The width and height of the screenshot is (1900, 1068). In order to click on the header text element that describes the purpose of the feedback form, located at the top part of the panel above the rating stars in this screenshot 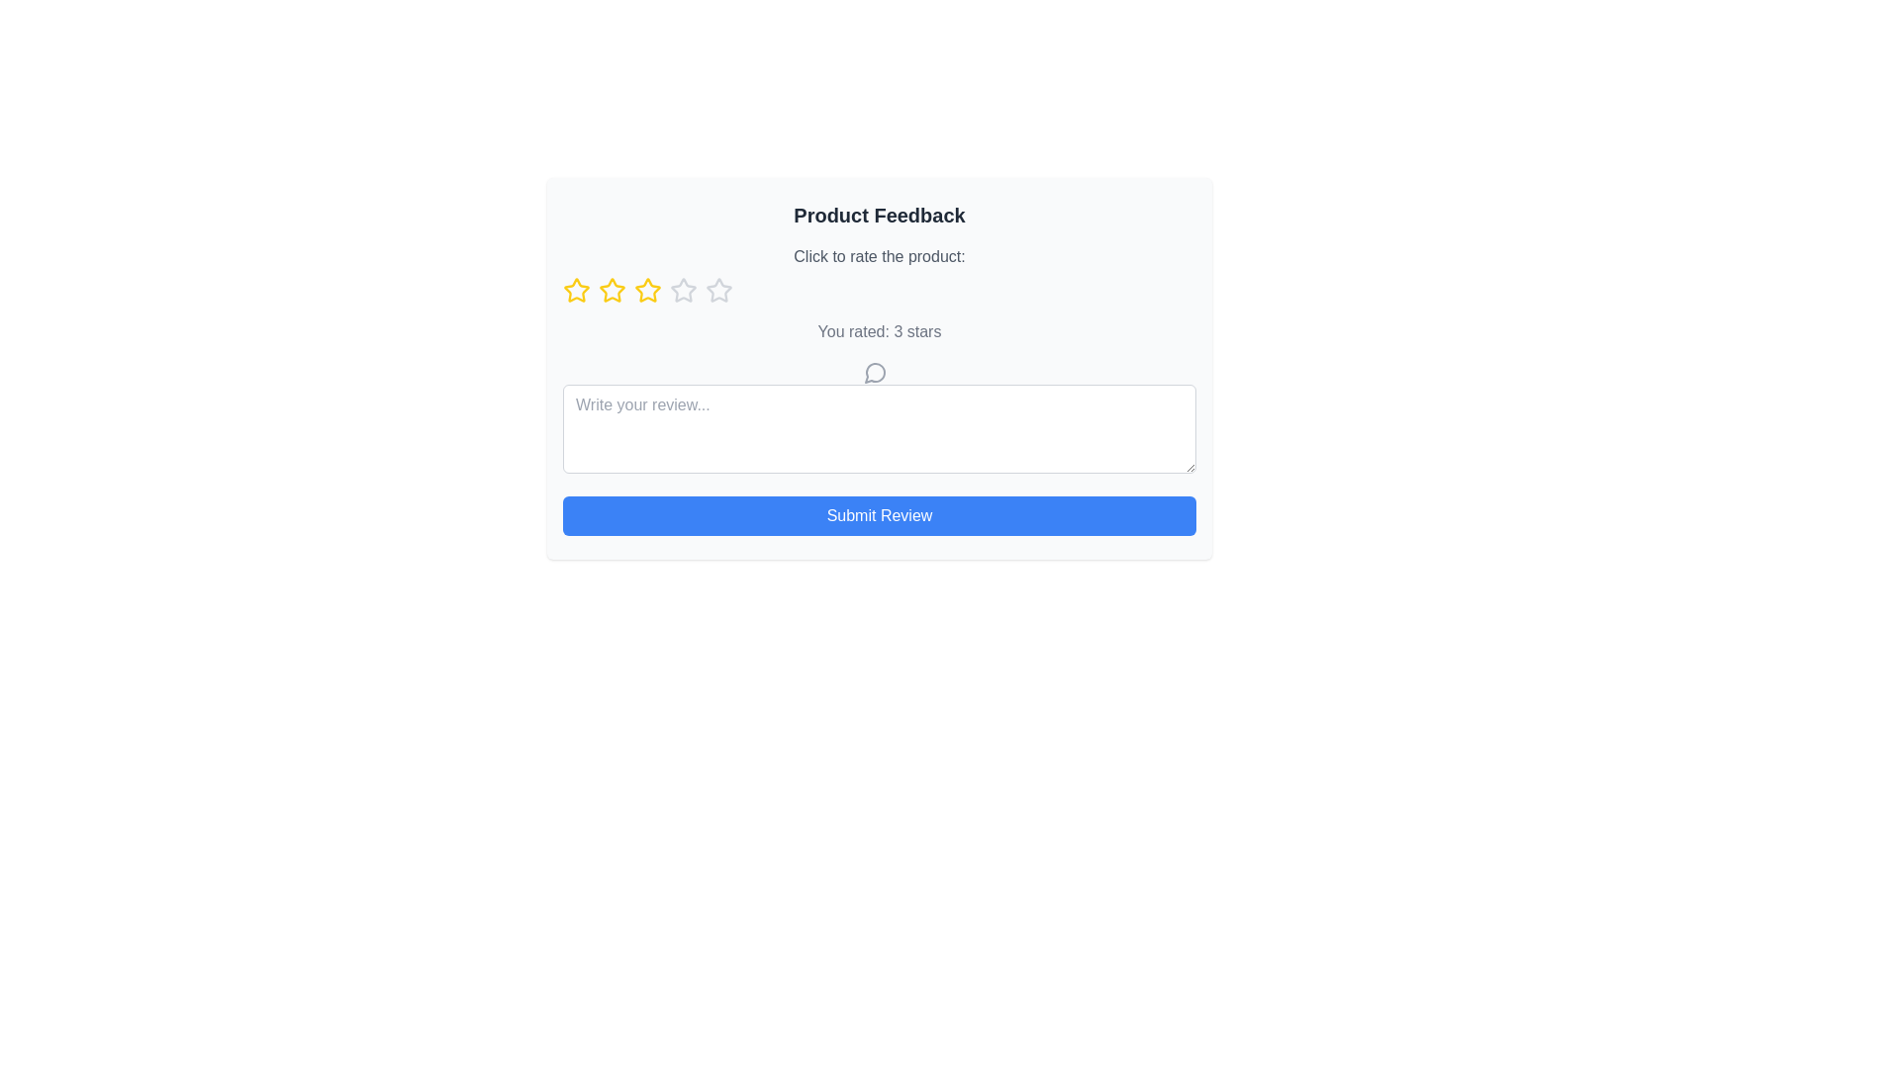, I will do `click(878, 216)`.